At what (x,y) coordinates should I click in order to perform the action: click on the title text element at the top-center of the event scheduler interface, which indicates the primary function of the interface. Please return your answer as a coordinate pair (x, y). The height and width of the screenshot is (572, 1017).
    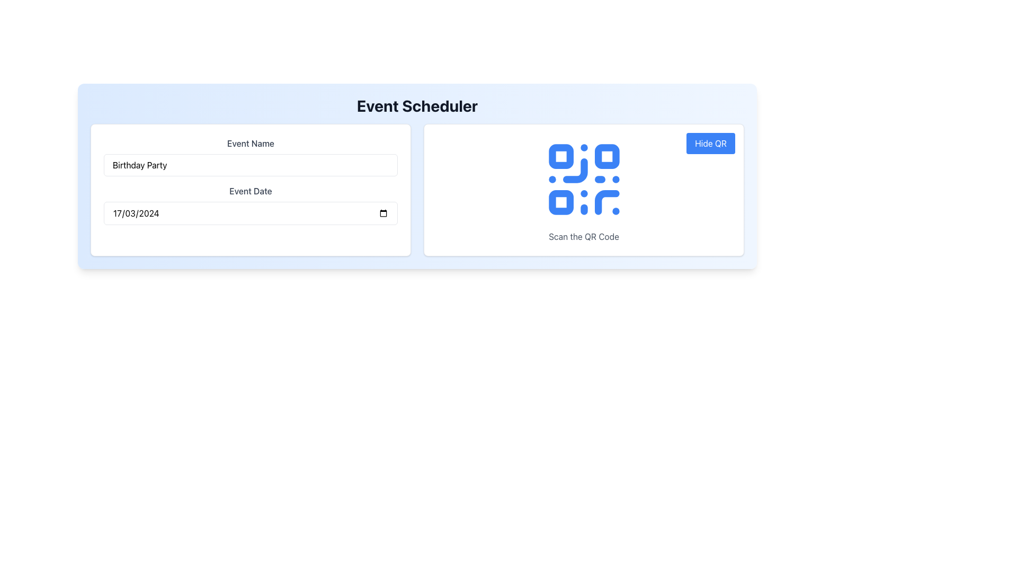
    Looking at the image, I should click on (416, 106).